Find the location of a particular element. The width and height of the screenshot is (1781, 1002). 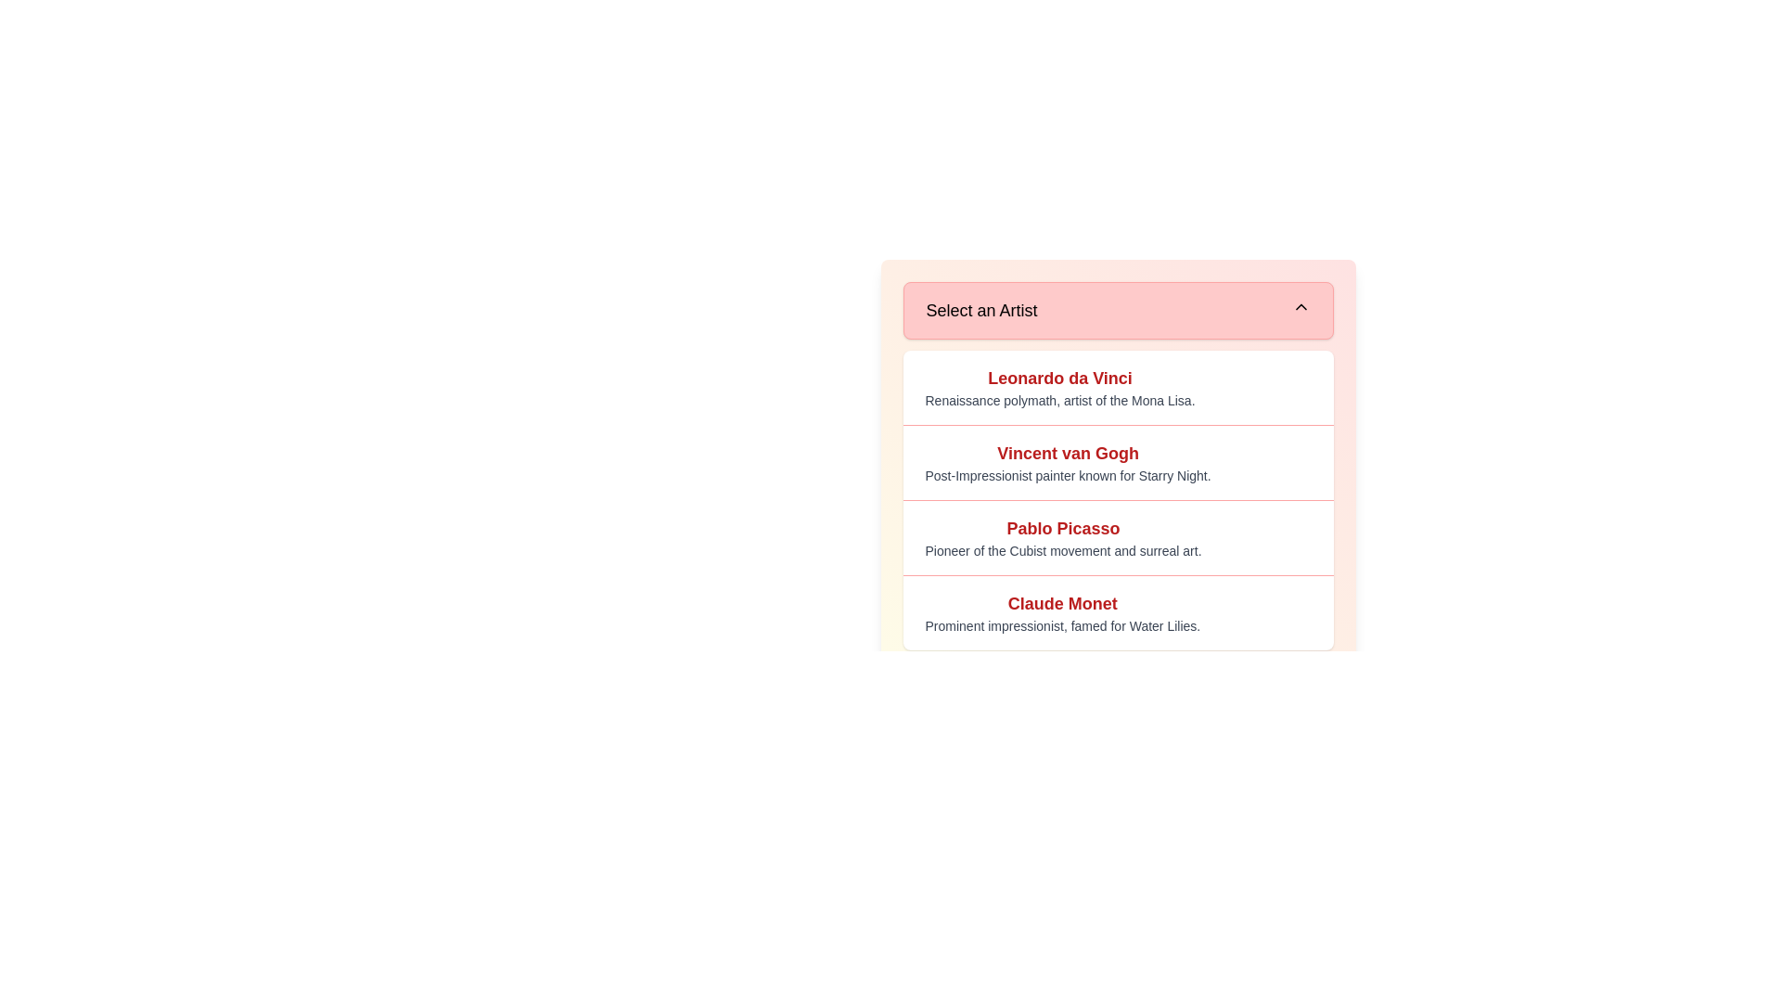

the descriptive label or subtitle for the artist 'Claude Monet', which is located at the bottom of the box containing the title styled in larger, bold red font is located at coordinates (1062, 626).